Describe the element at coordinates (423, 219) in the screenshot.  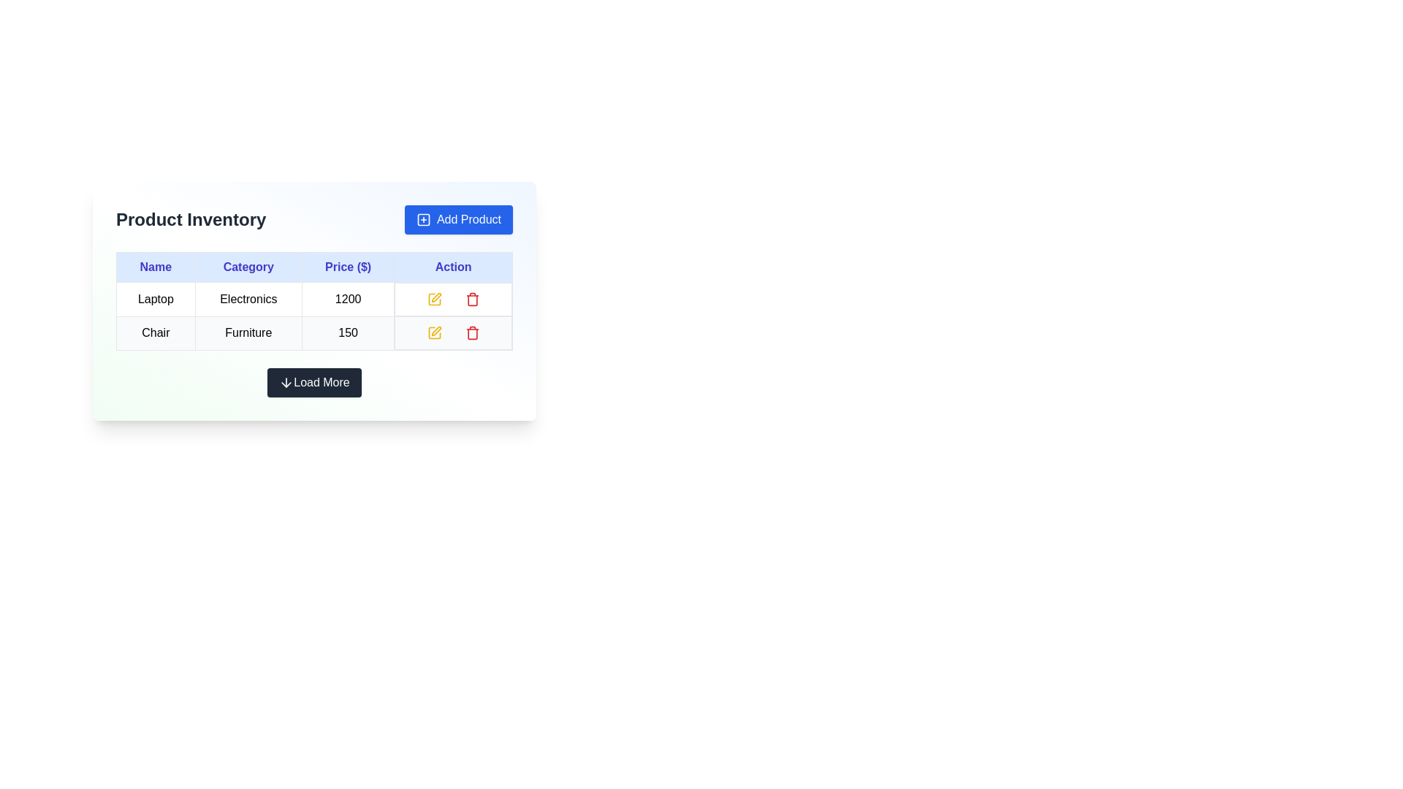
I see `the blue rectangular icon with rounded corners located inside the 'Add Product' button in the top-right corner of the 'Product Inventory' section` at that location.